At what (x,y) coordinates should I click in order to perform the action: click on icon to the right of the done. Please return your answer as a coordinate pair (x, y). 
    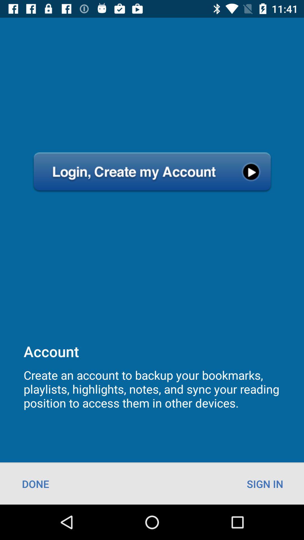
    Looking at the image, I should click on (265, 483).